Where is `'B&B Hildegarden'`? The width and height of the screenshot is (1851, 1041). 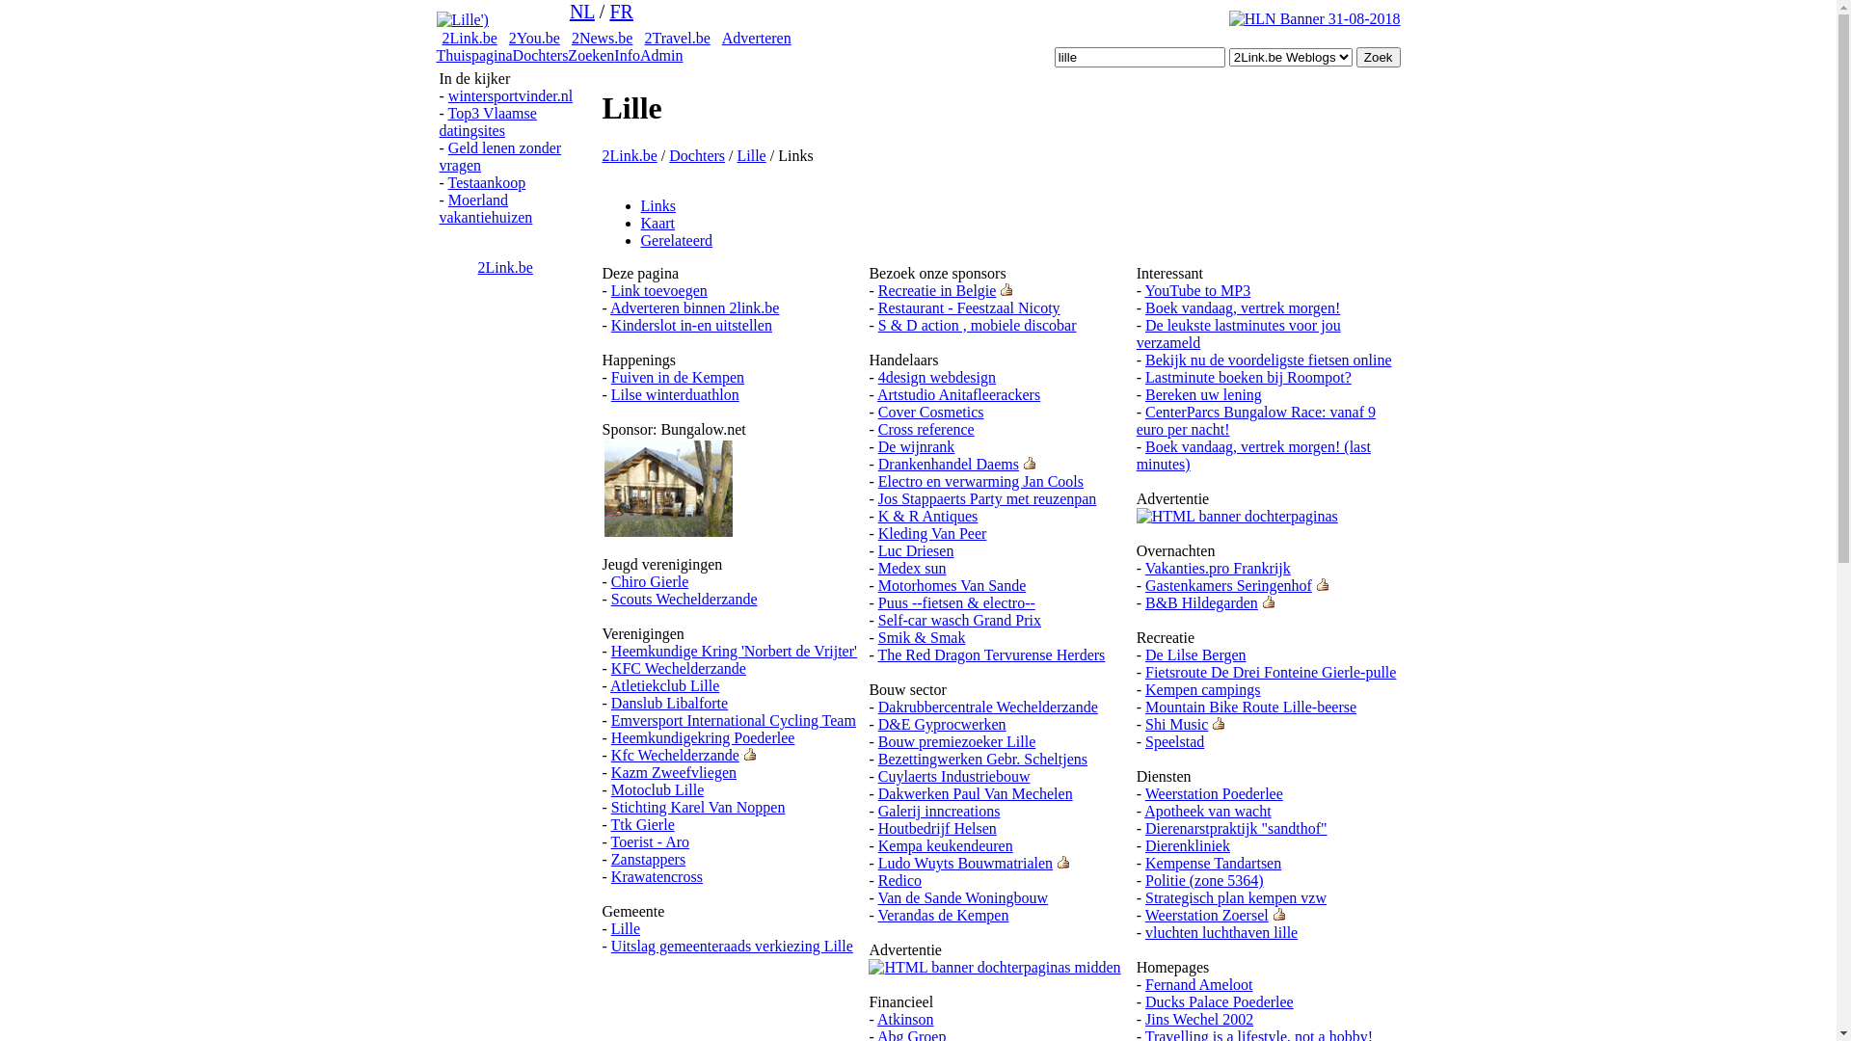 'B&B Hildegarden' is located at coordinates (1145, 601).